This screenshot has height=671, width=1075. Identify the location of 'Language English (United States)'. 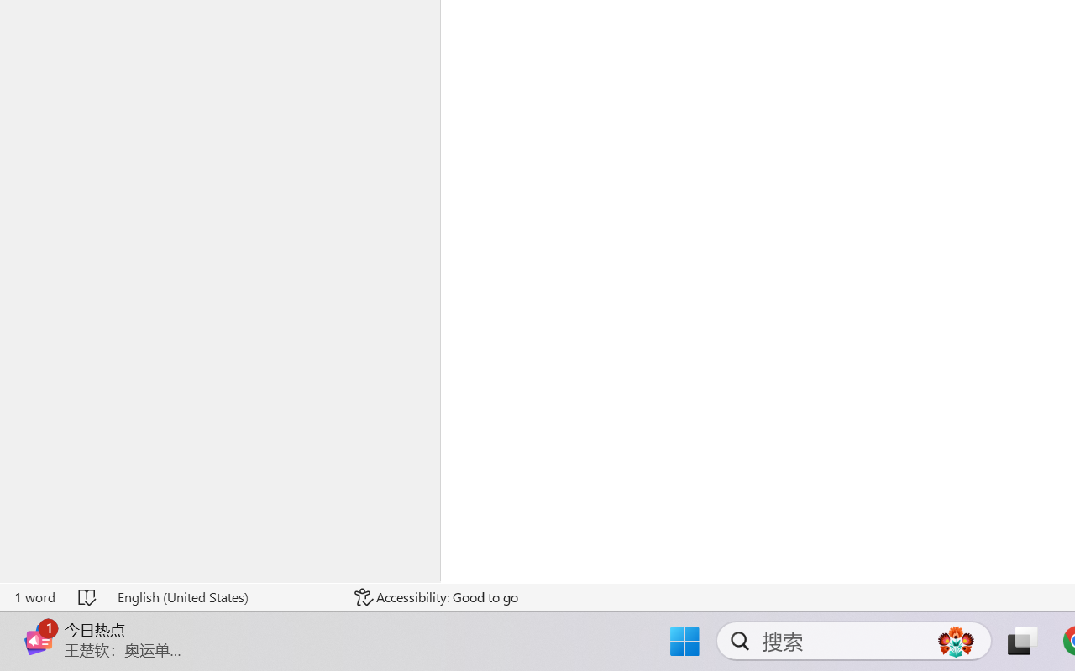
(223, 596).